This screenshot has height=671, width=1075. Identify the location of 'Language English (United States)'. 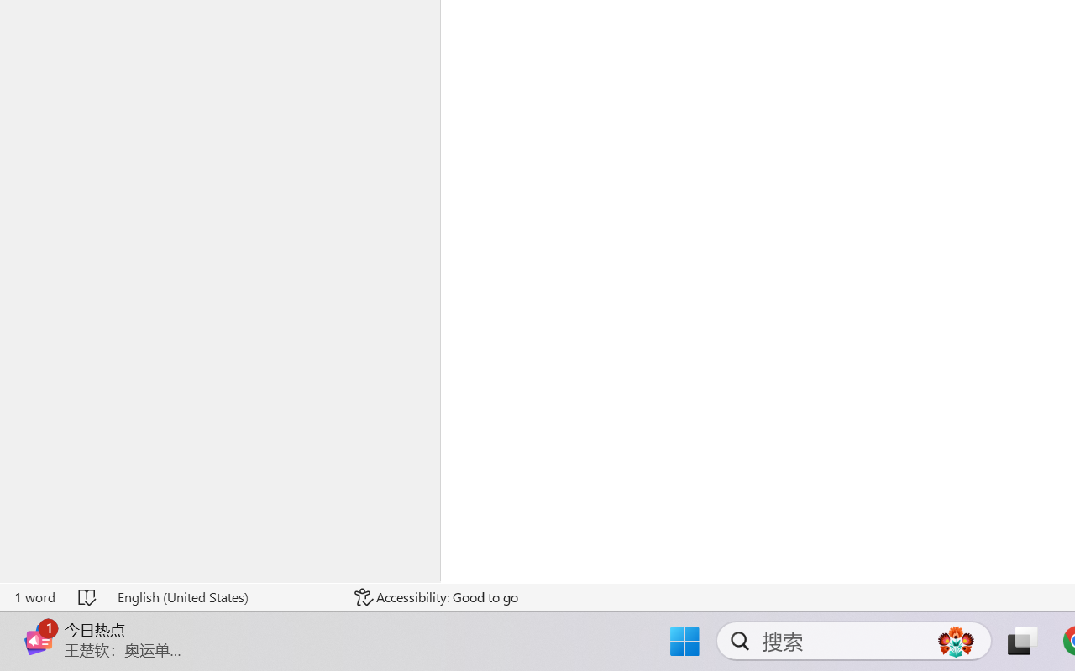
(223, 596).